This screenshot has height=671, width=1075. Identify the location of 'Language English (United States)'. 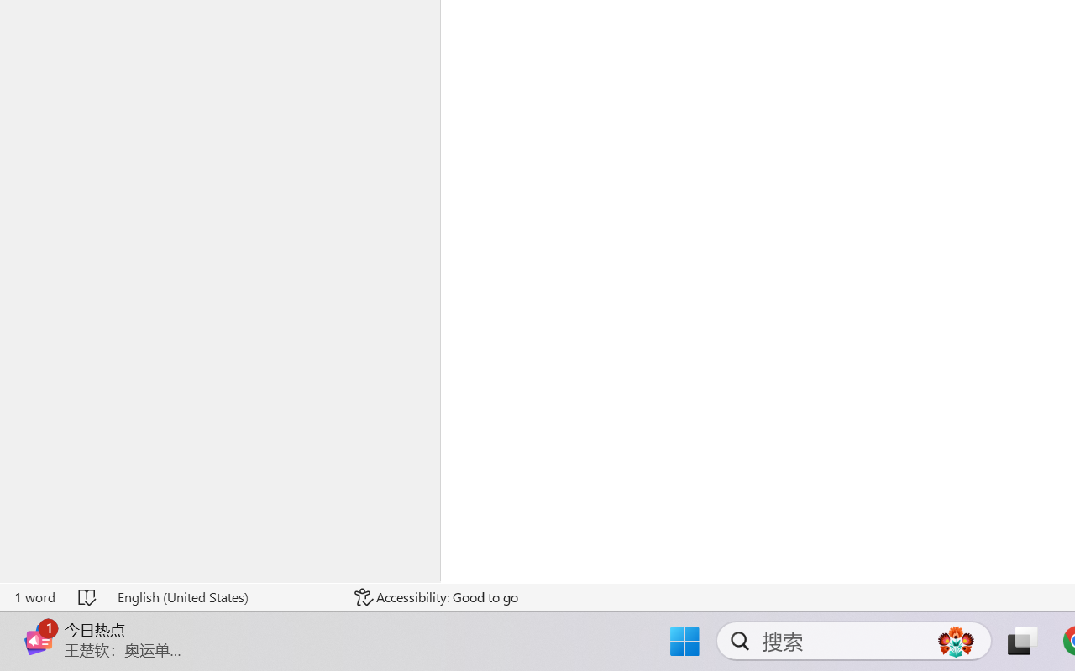
(223, 596).